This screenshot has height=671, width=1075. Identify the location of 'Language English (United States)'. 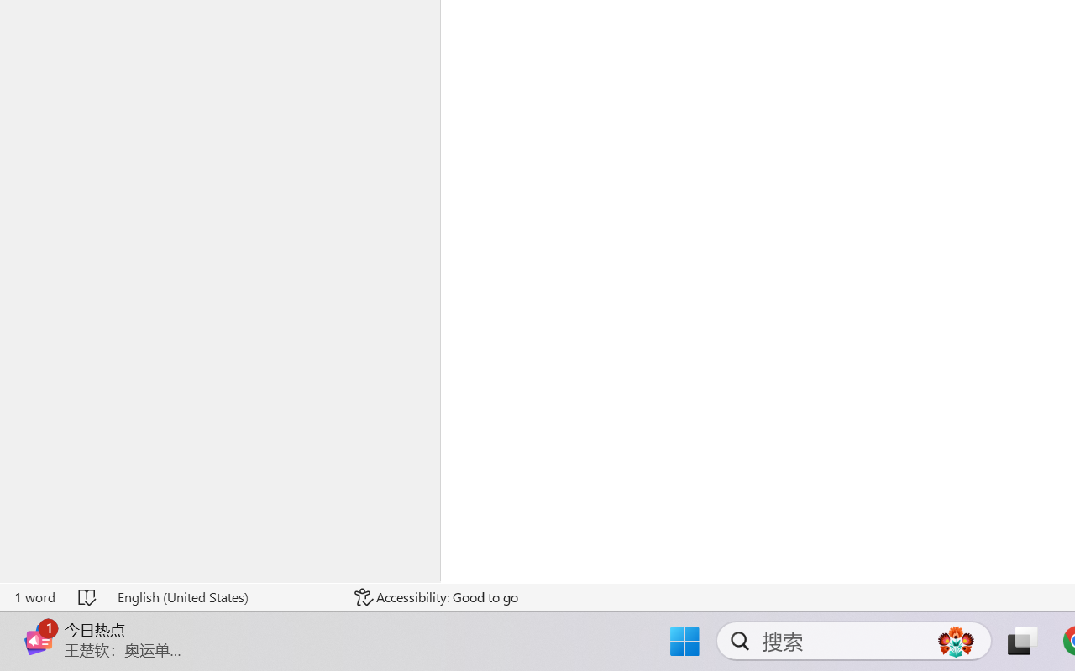
(223, 596).